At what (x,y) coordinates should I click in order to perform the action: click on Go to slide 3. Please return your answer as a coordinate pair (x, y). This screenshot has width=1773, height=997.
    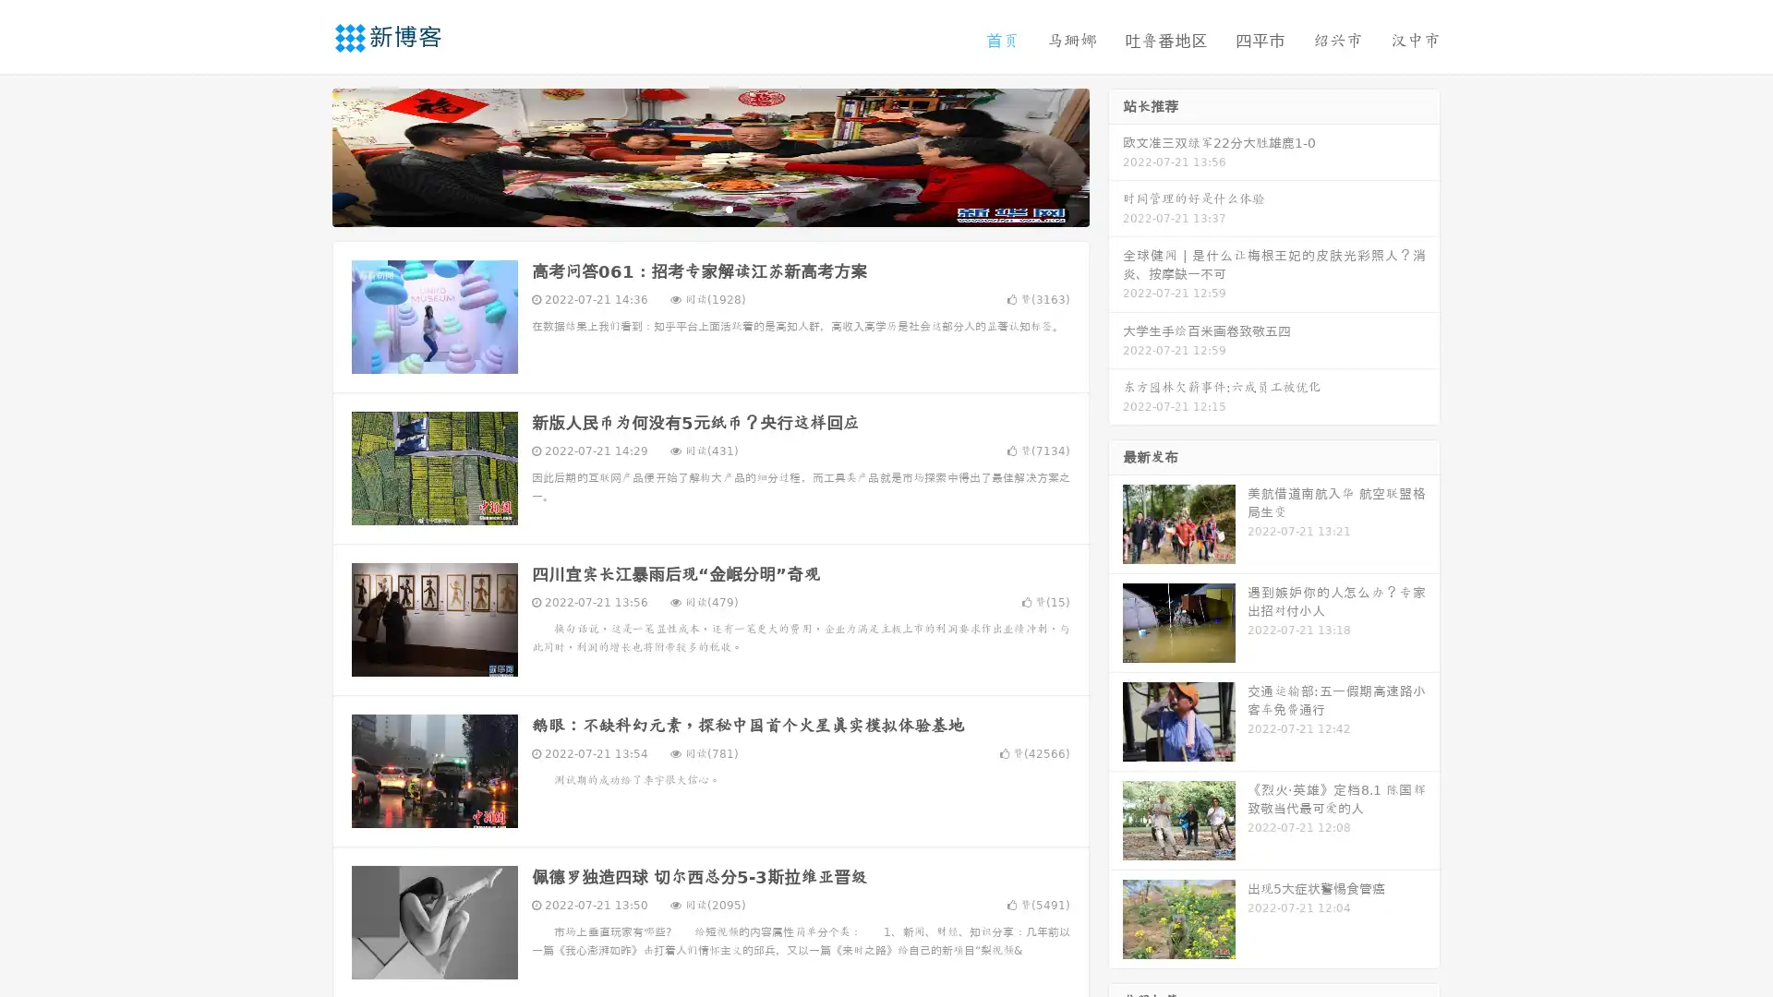
    Looking at the image, I should click on (729, 208).